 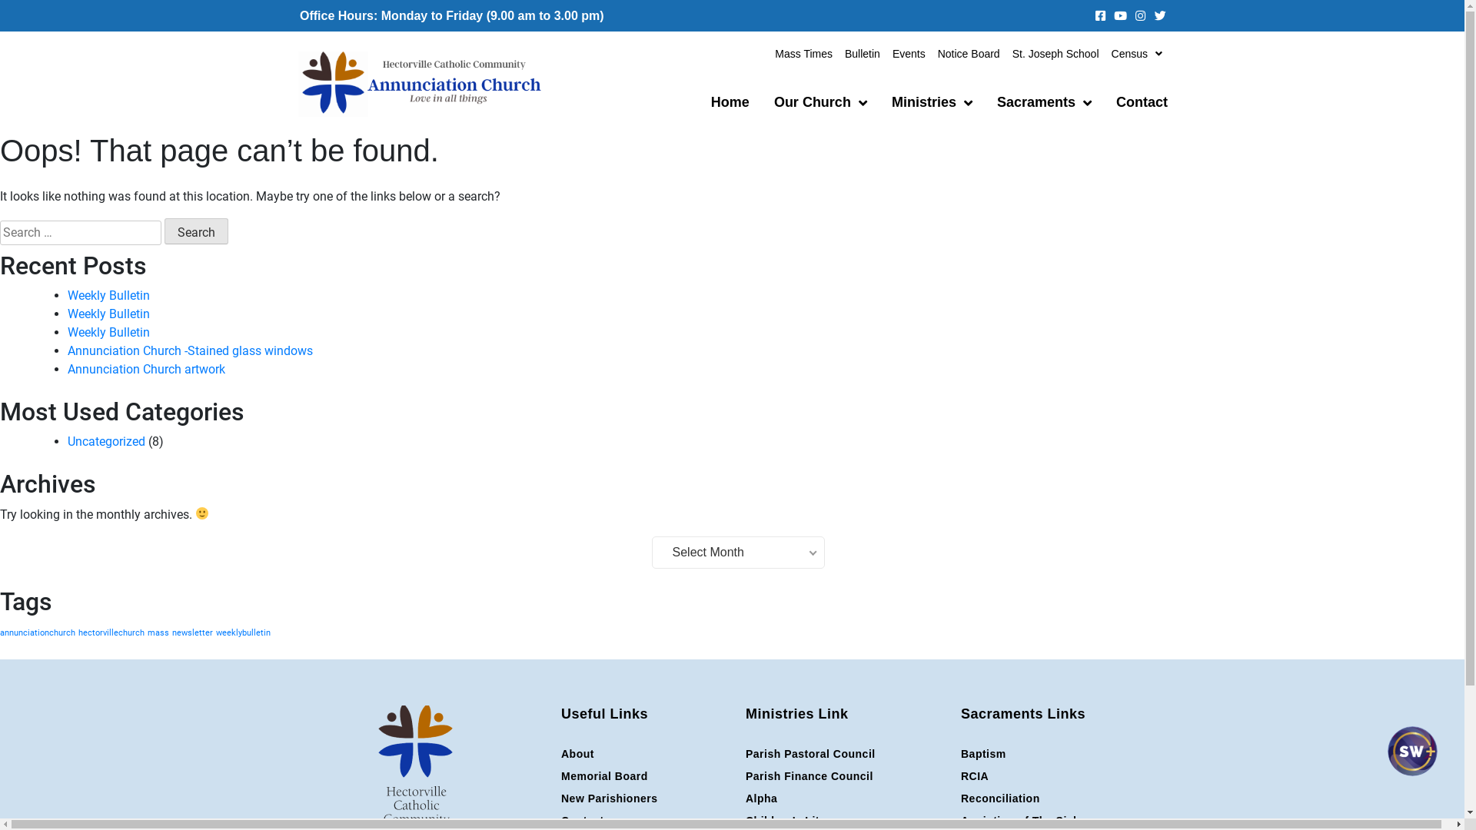 I want to click on 'mass', so click(x=158, y=632).